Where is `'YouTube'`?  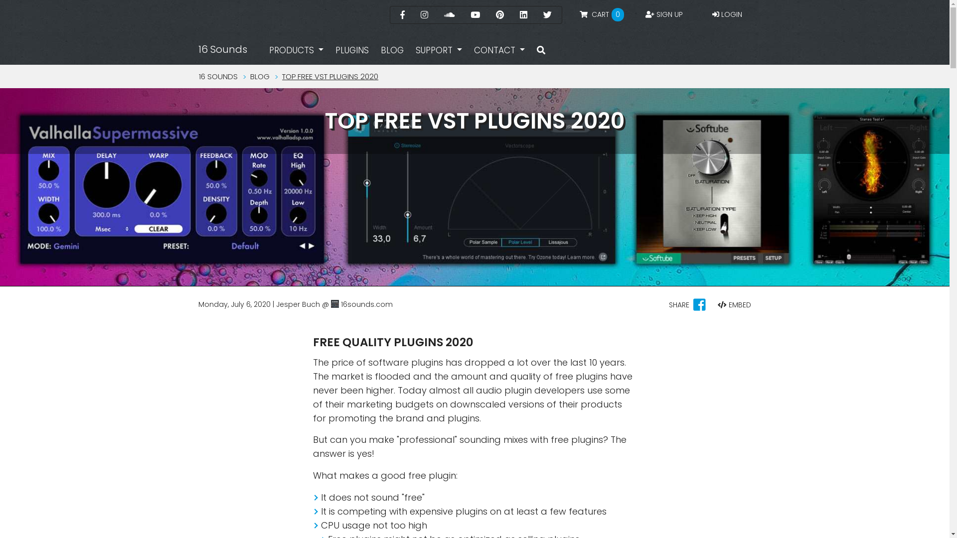 'YouTube' is located at coordinates (475, 15).